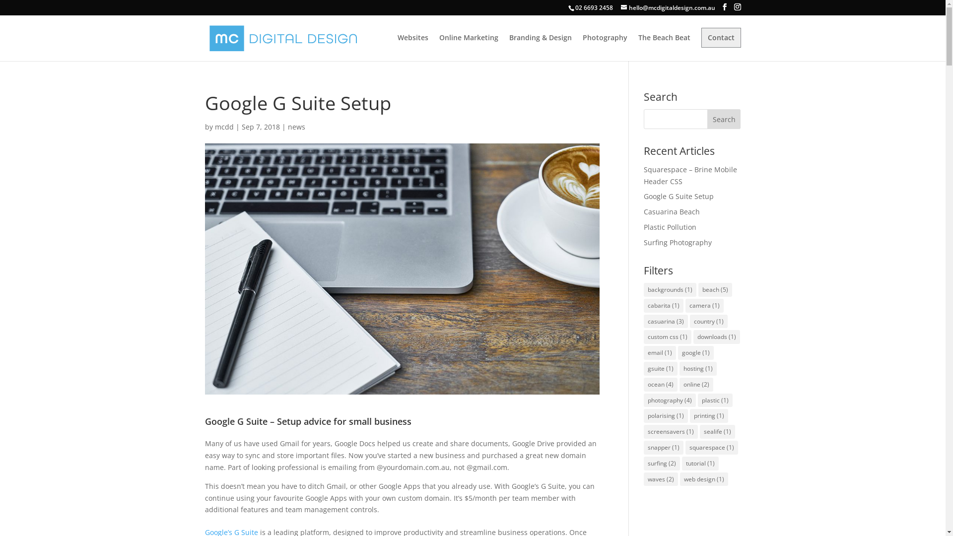 The height and width of the screenshot is (536, 953). What do you see at coordinates (672, 211) in the screenshot?
I see `'Casuarina Beach'` at bounding box center [672, 211].